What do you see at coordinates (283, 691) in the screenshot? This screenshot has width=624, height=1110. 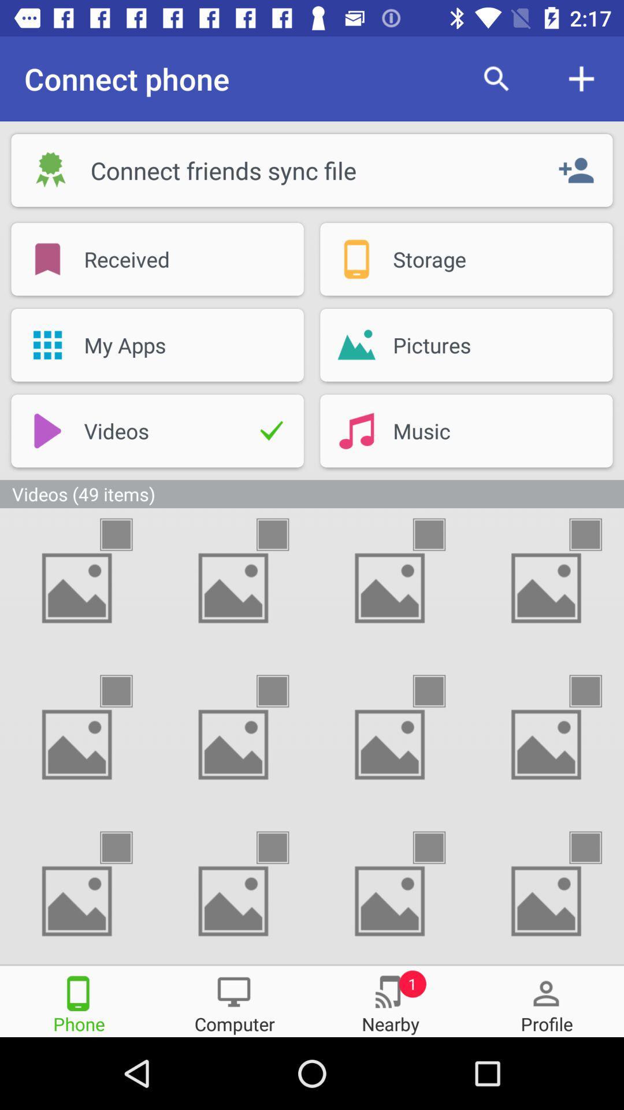 I see `check thumbnail to select` at bounding box center [283, 691].